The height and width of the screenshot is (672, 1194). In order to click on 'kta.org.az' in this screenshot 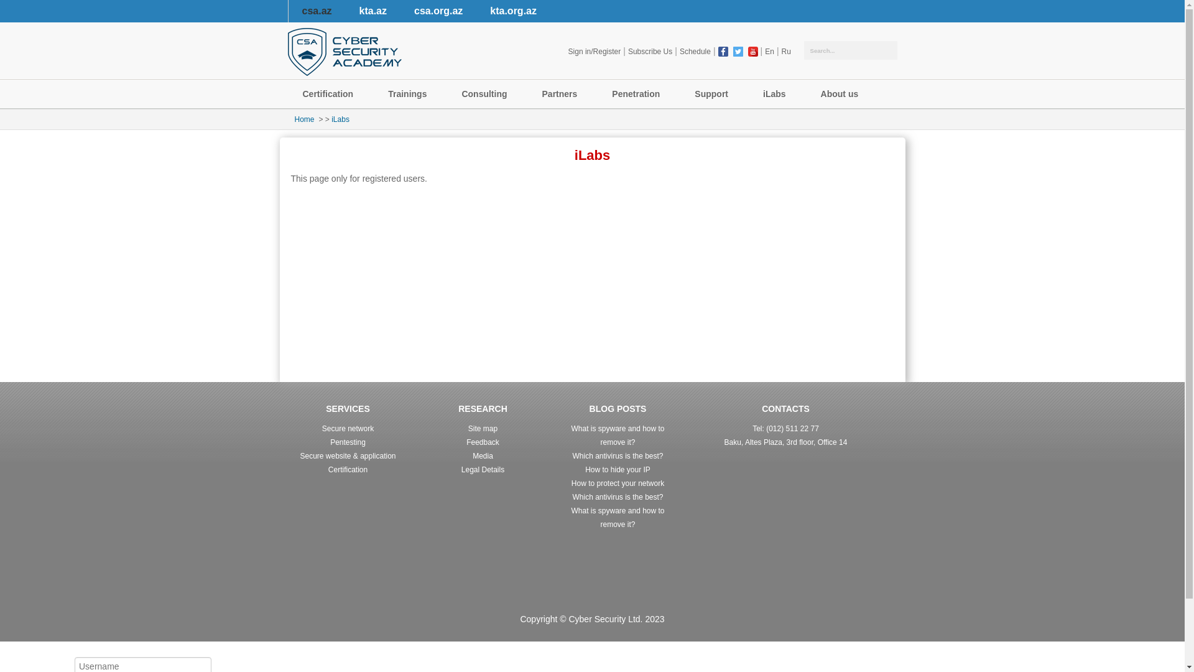, I will do `click(513, 11)`.